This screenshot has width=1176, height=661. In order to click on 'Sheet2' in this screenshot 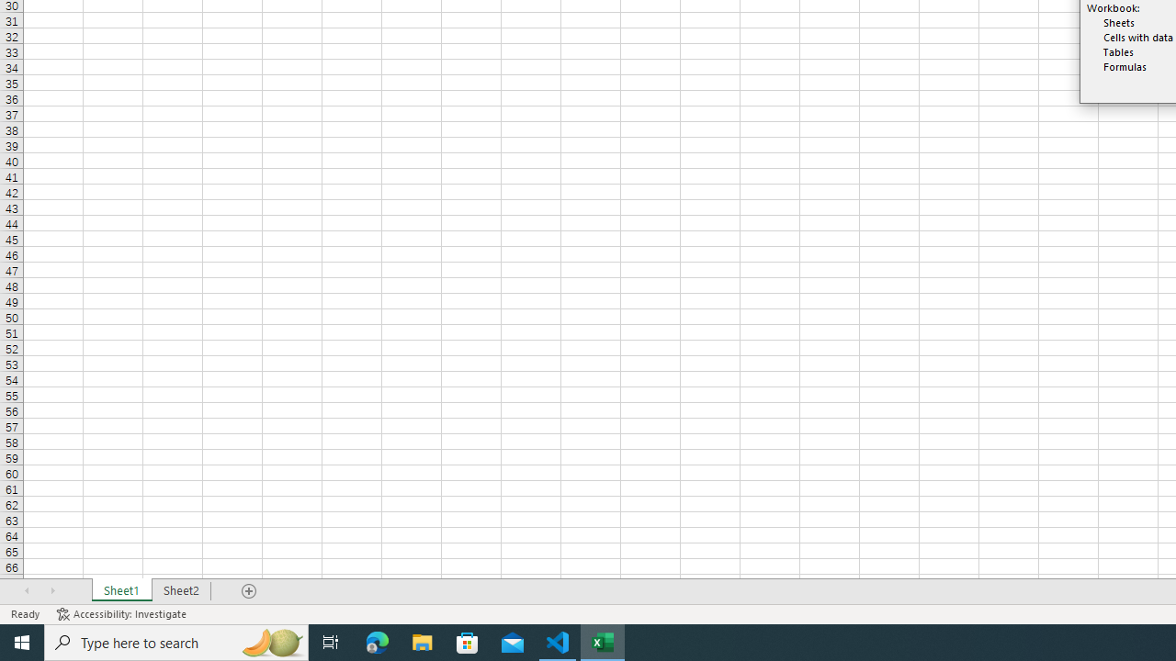, I will do `click(181, 591)`.